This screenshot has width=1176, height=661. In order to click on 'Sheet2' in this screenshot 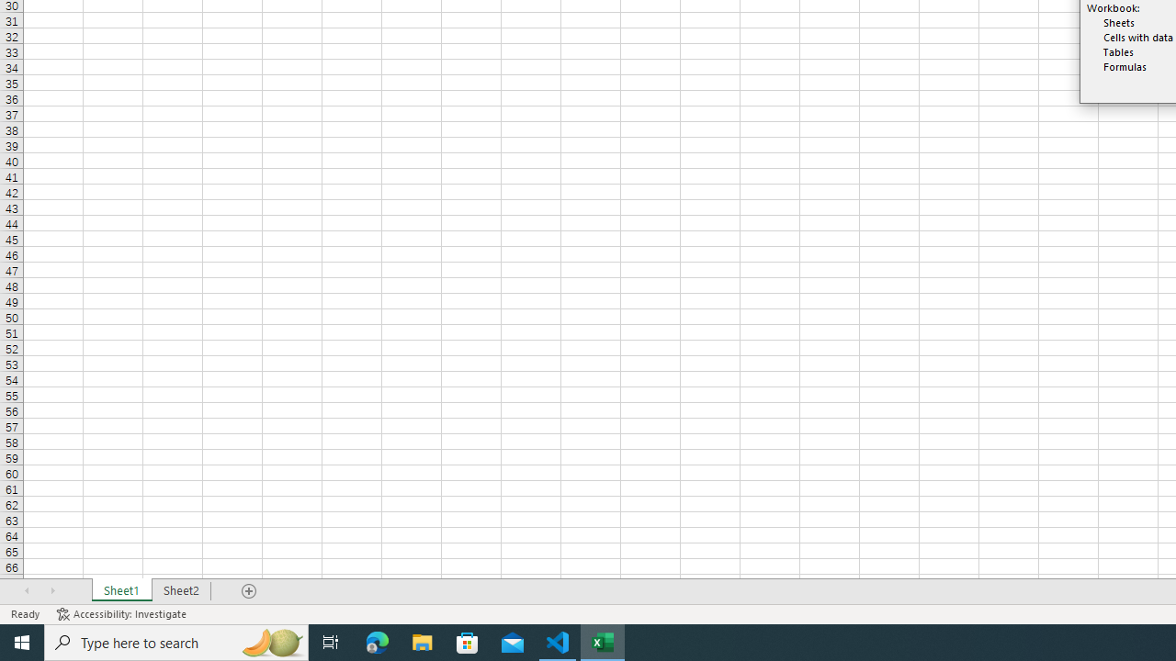, I will do `click(181, 591)`.